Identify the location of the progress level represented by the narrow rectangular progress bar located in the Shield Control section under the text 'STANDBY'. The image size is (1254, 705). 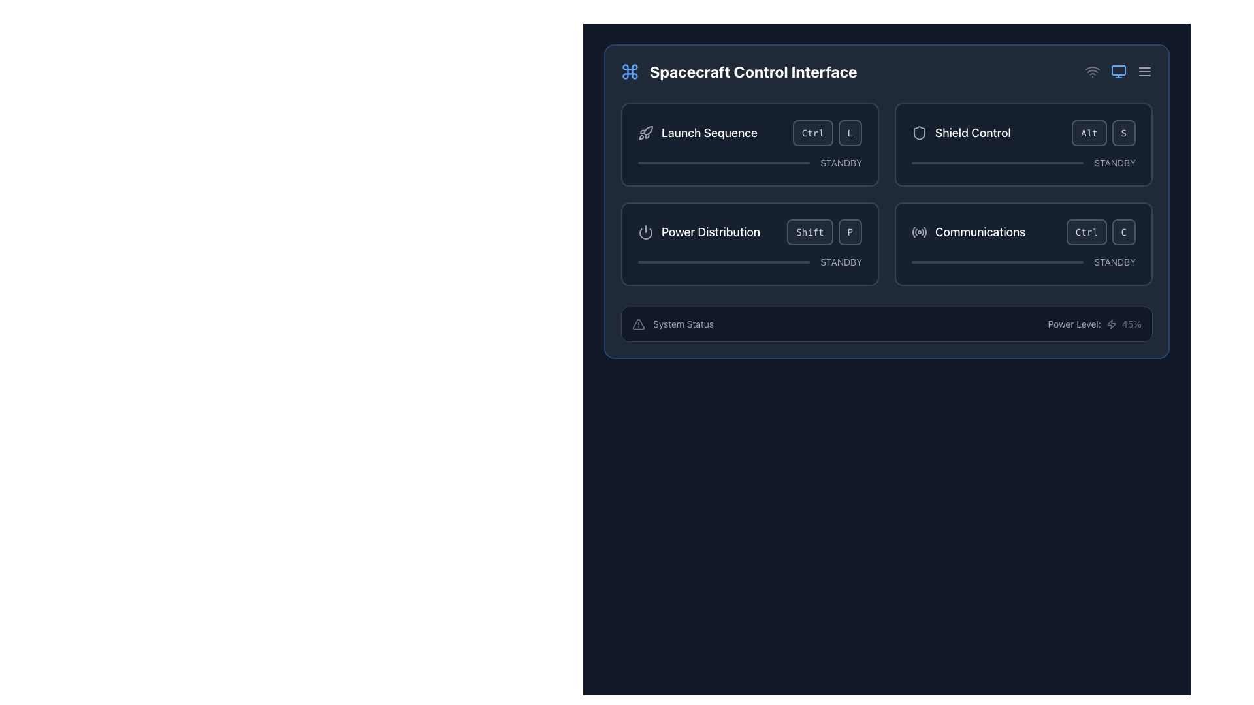
(997, 163).